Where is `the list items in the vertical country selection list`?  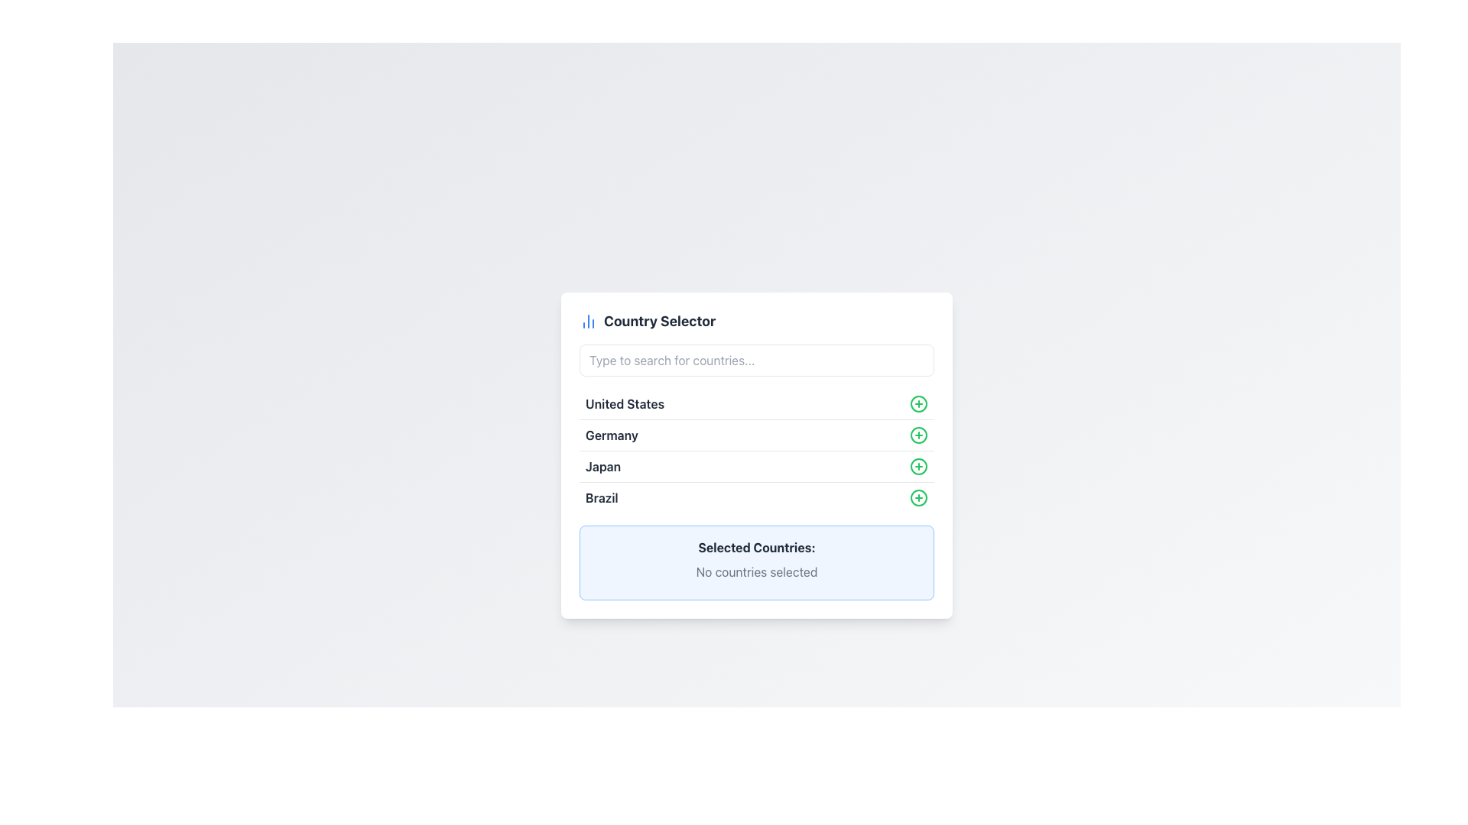
the list items in the vertical country selection list is located at coordinates (756, 455).